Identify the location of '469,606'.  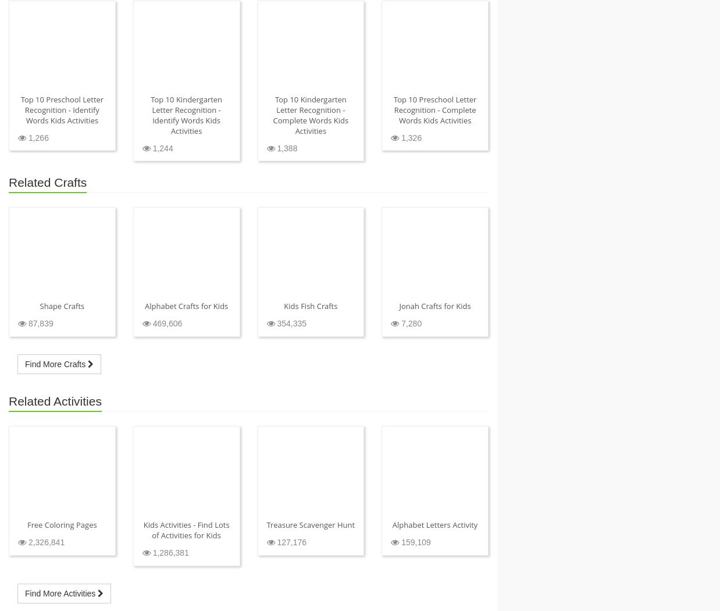
(165, 323).